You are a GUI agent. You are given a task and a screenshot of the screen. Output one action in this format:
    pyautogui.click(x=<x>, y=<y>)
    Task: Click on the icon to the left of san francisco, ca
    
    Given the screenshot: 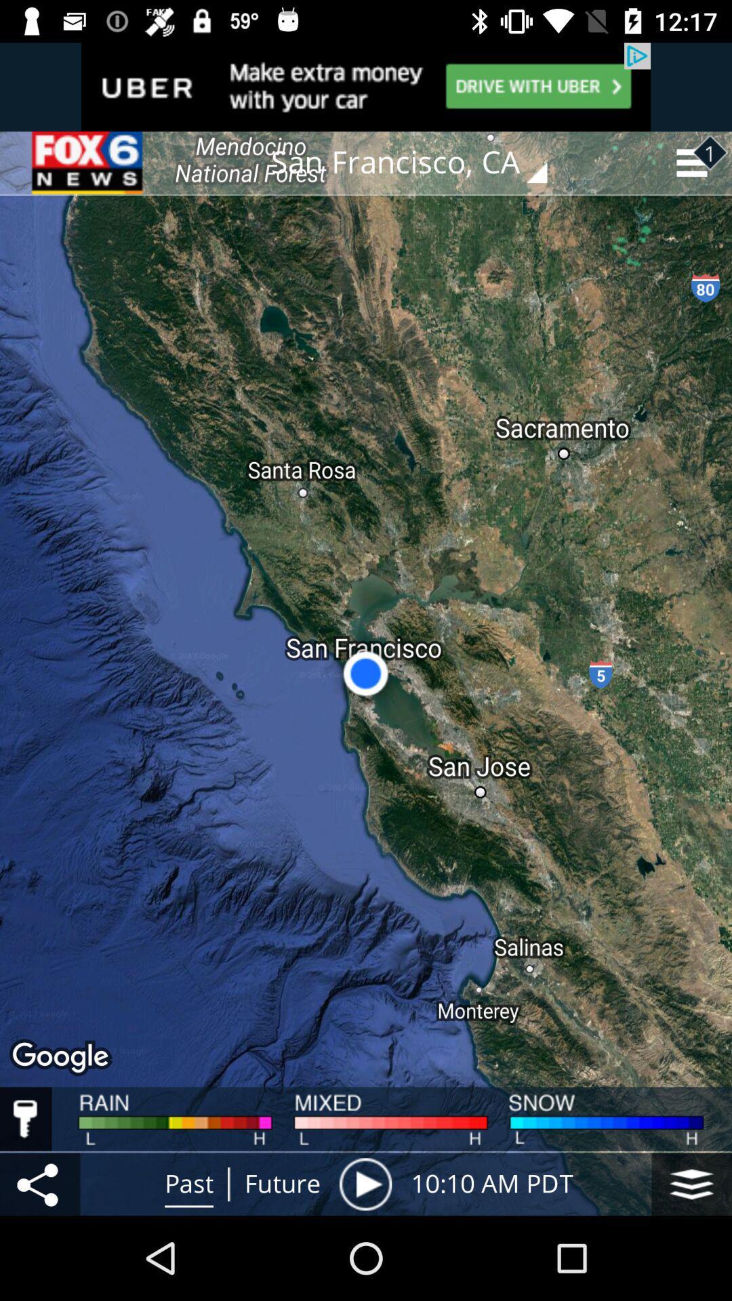 What is the action you would take?
    pyautogui.click(x=89, y=163)
    